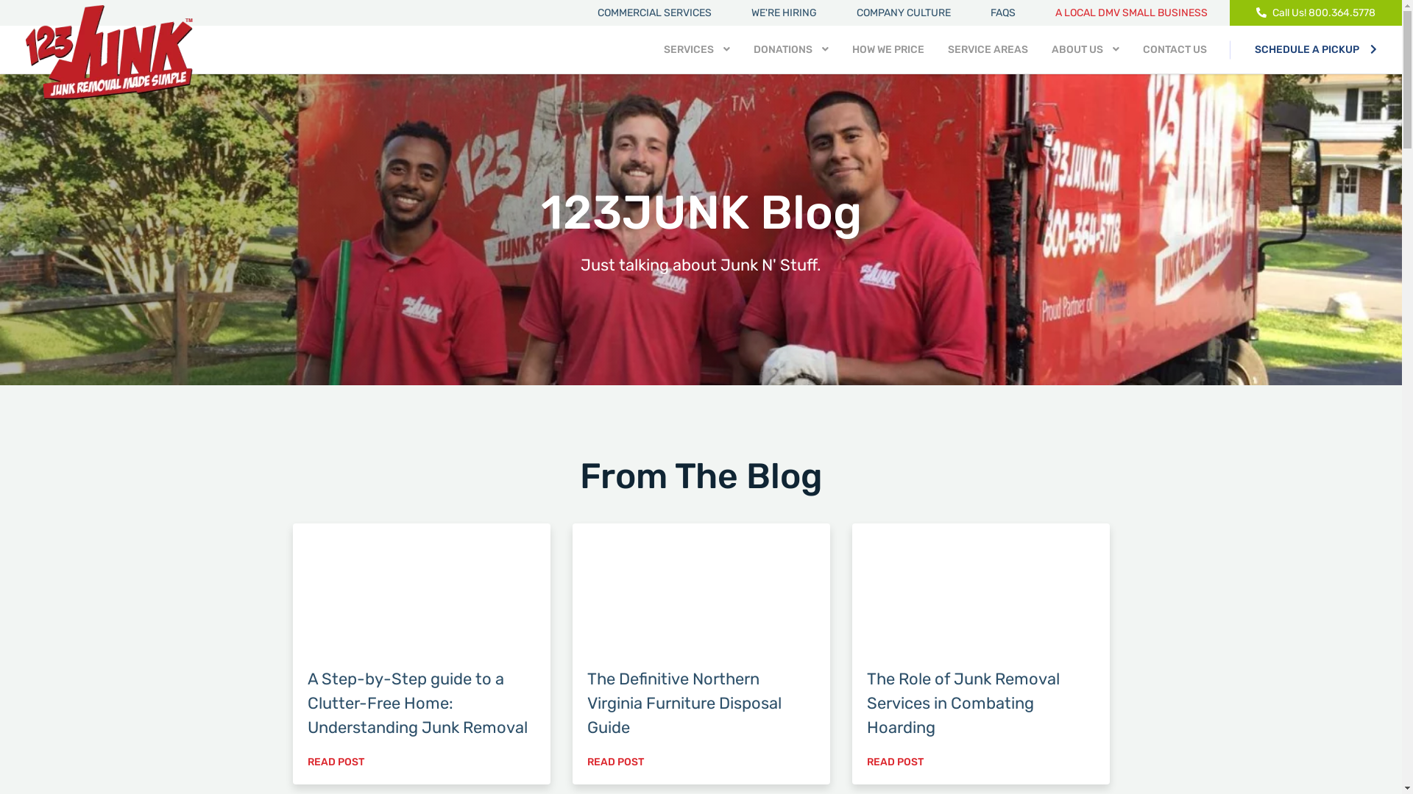  I want to click on 'ABOUT US', so click(1085, 49).